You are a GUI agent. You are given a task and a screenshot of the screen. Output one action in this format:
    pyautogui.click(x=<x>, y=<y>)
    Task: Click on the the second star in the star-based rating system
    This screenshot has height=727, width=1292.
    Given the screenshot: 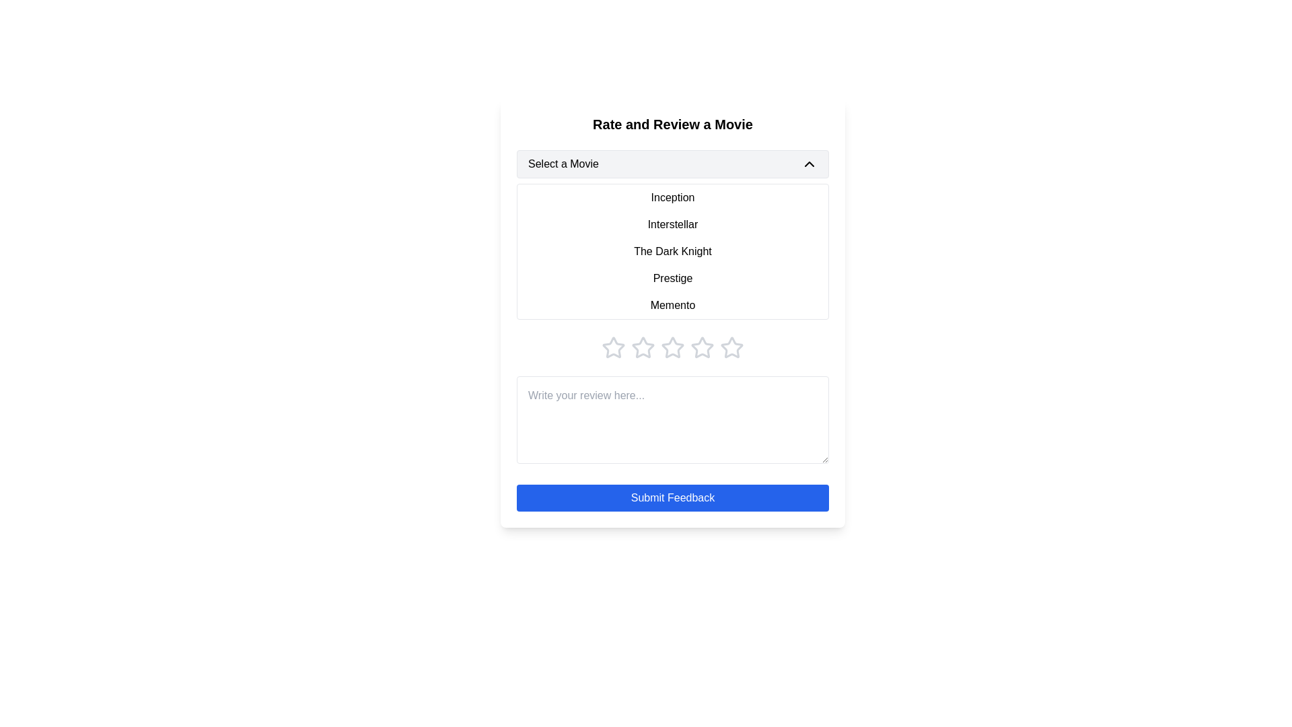 What is the action you would take?
    pyautogui.click(x=642, y=347)
    